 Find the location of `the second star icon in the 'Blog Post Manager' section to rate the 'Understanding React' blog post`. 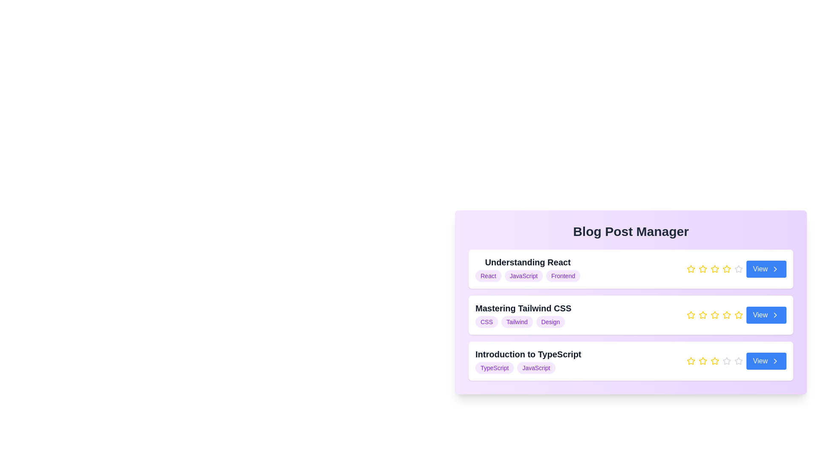

the second star icon in the 'Blog Post Manager' section to rate the 'Understanding React' blog post is located at coordinates (703, 269).